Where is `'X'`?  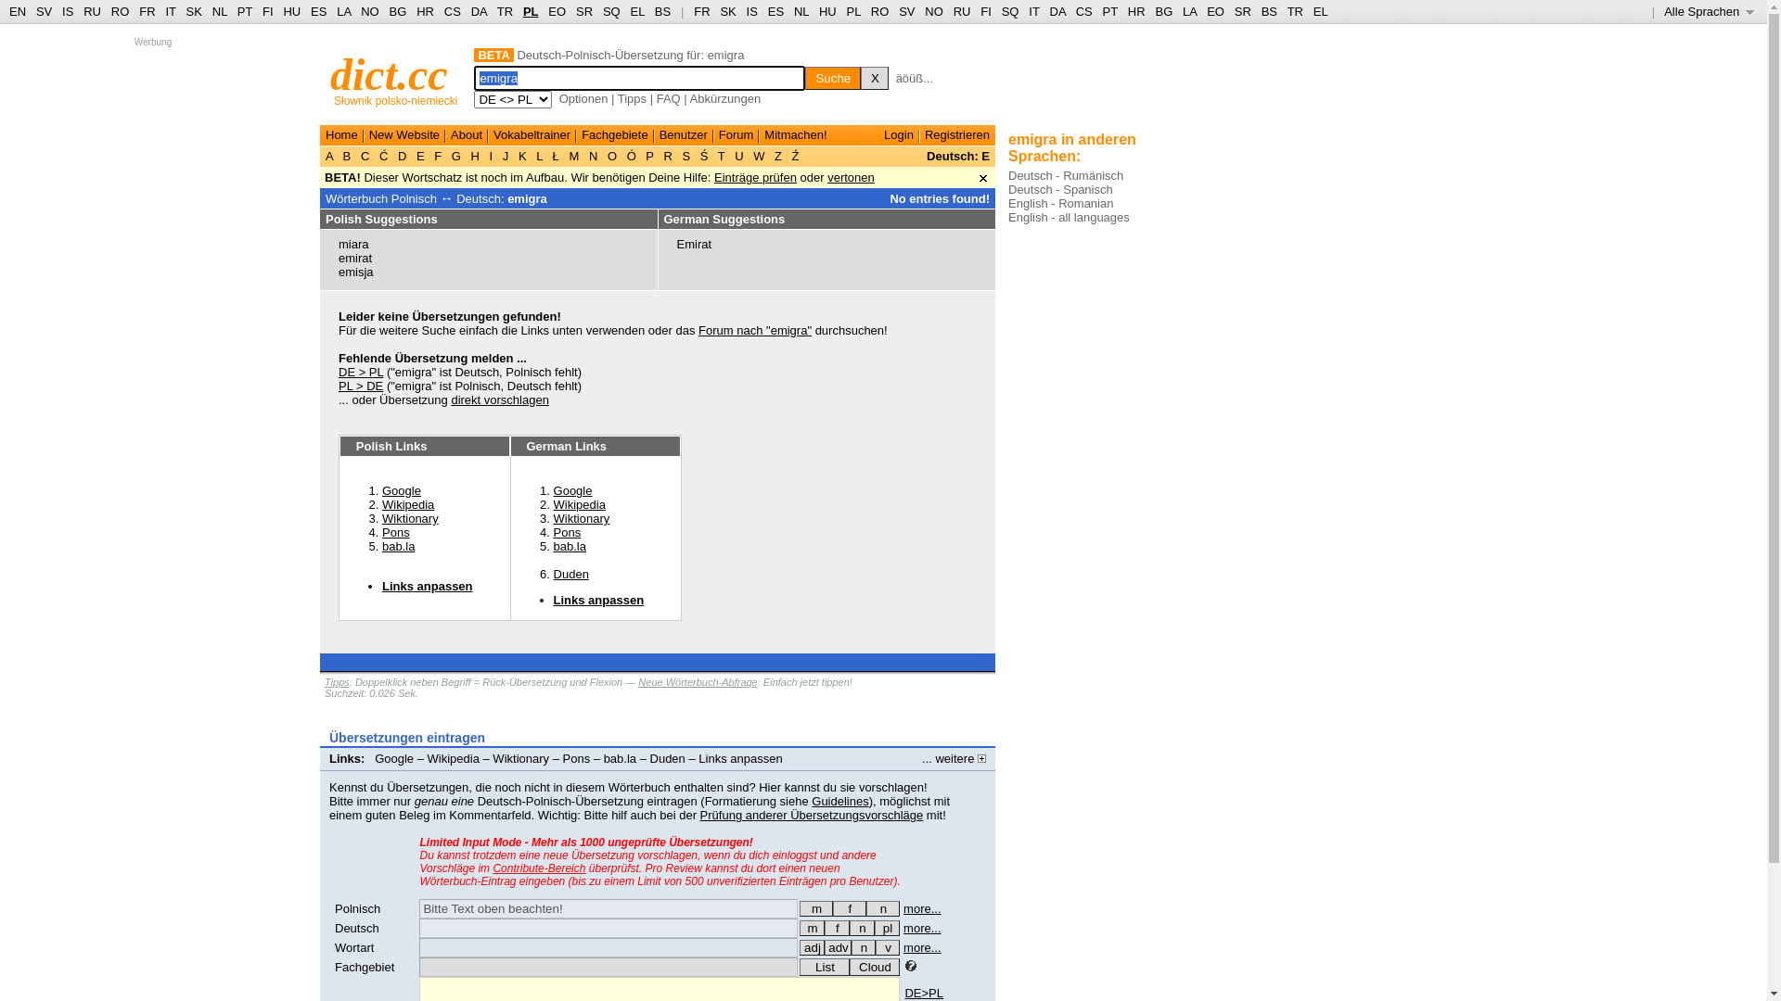 'X' is located at coordinates (873, 77).